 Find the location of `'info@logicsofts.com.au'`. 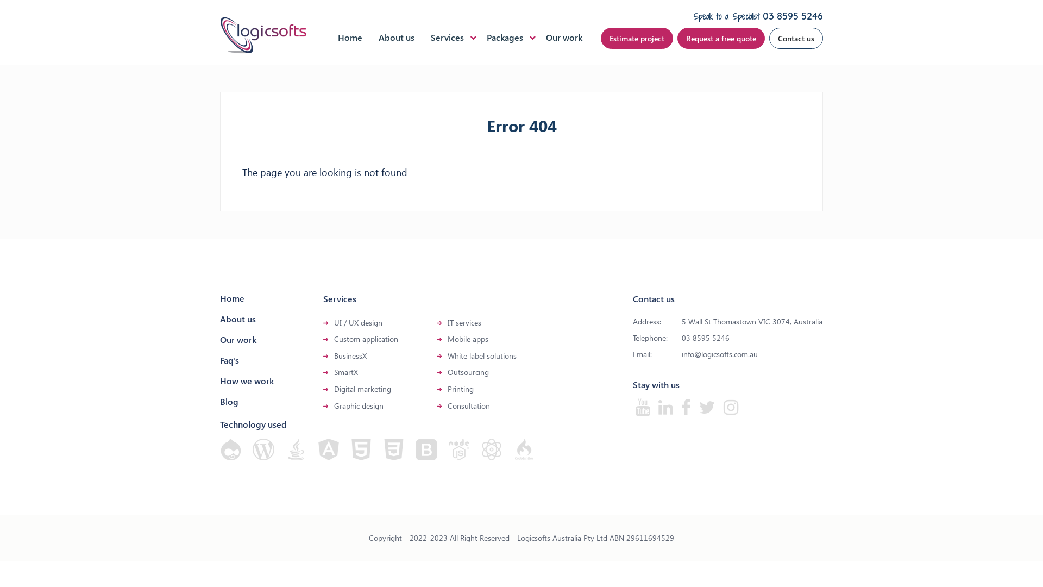

'info@logicsofts.com.au' is located at coordinates (719, 354).